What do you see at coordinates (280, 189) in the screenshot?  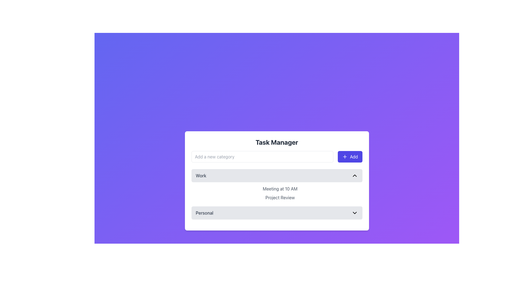 I see `the text label displaying 'Meeting at 10 AM' located in the 'Work' dropdown section, above 'Project Review'` at bounding box center [280, 189].